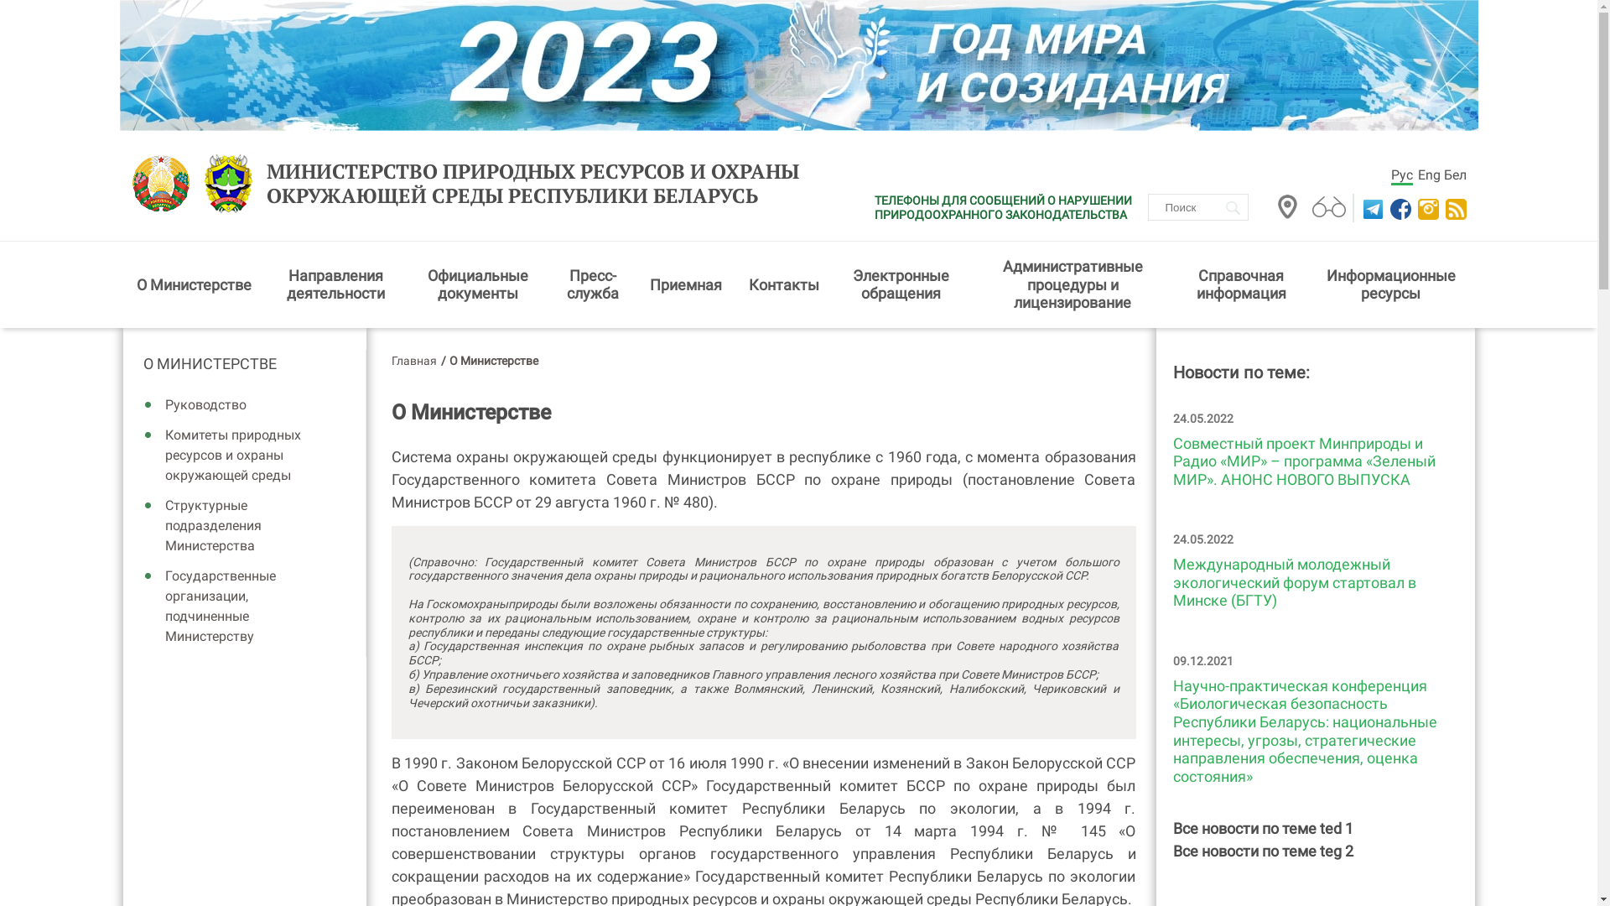 The width and height of the screenshot is (1610, 906). What do you see at coordinates (1453, 208) in the screenshot?
I see `'RSS'` at bounding box center [1453, 208].